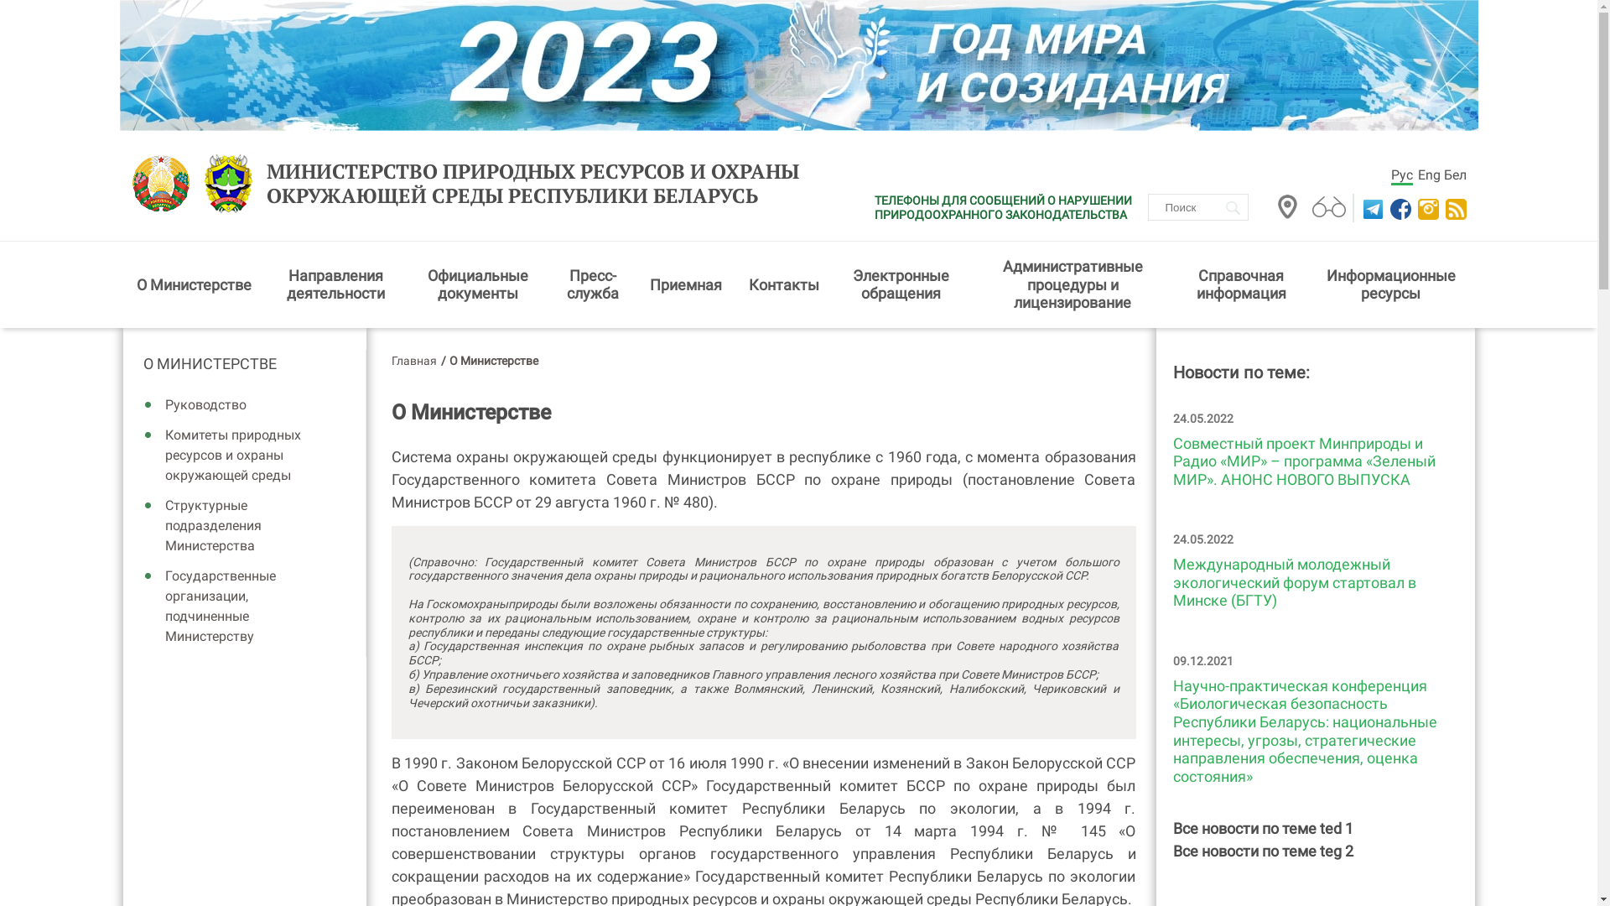 The width and height of the screenshot is (1610, 906). What do you see at coordinates (1453, 208) in the screenshot?
I see `'RSS'` at bounding box center [1453, 208].